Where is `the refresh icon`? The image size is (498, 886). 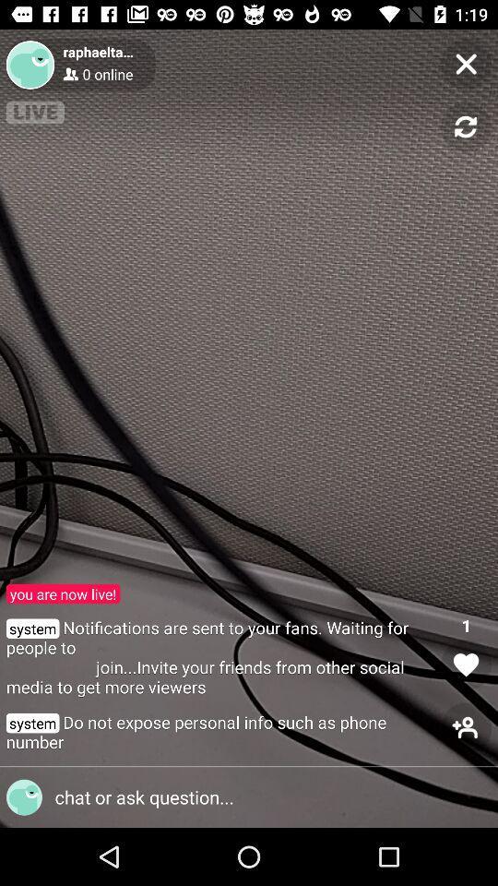 the refresh icon is located at coordinates (465, 126).